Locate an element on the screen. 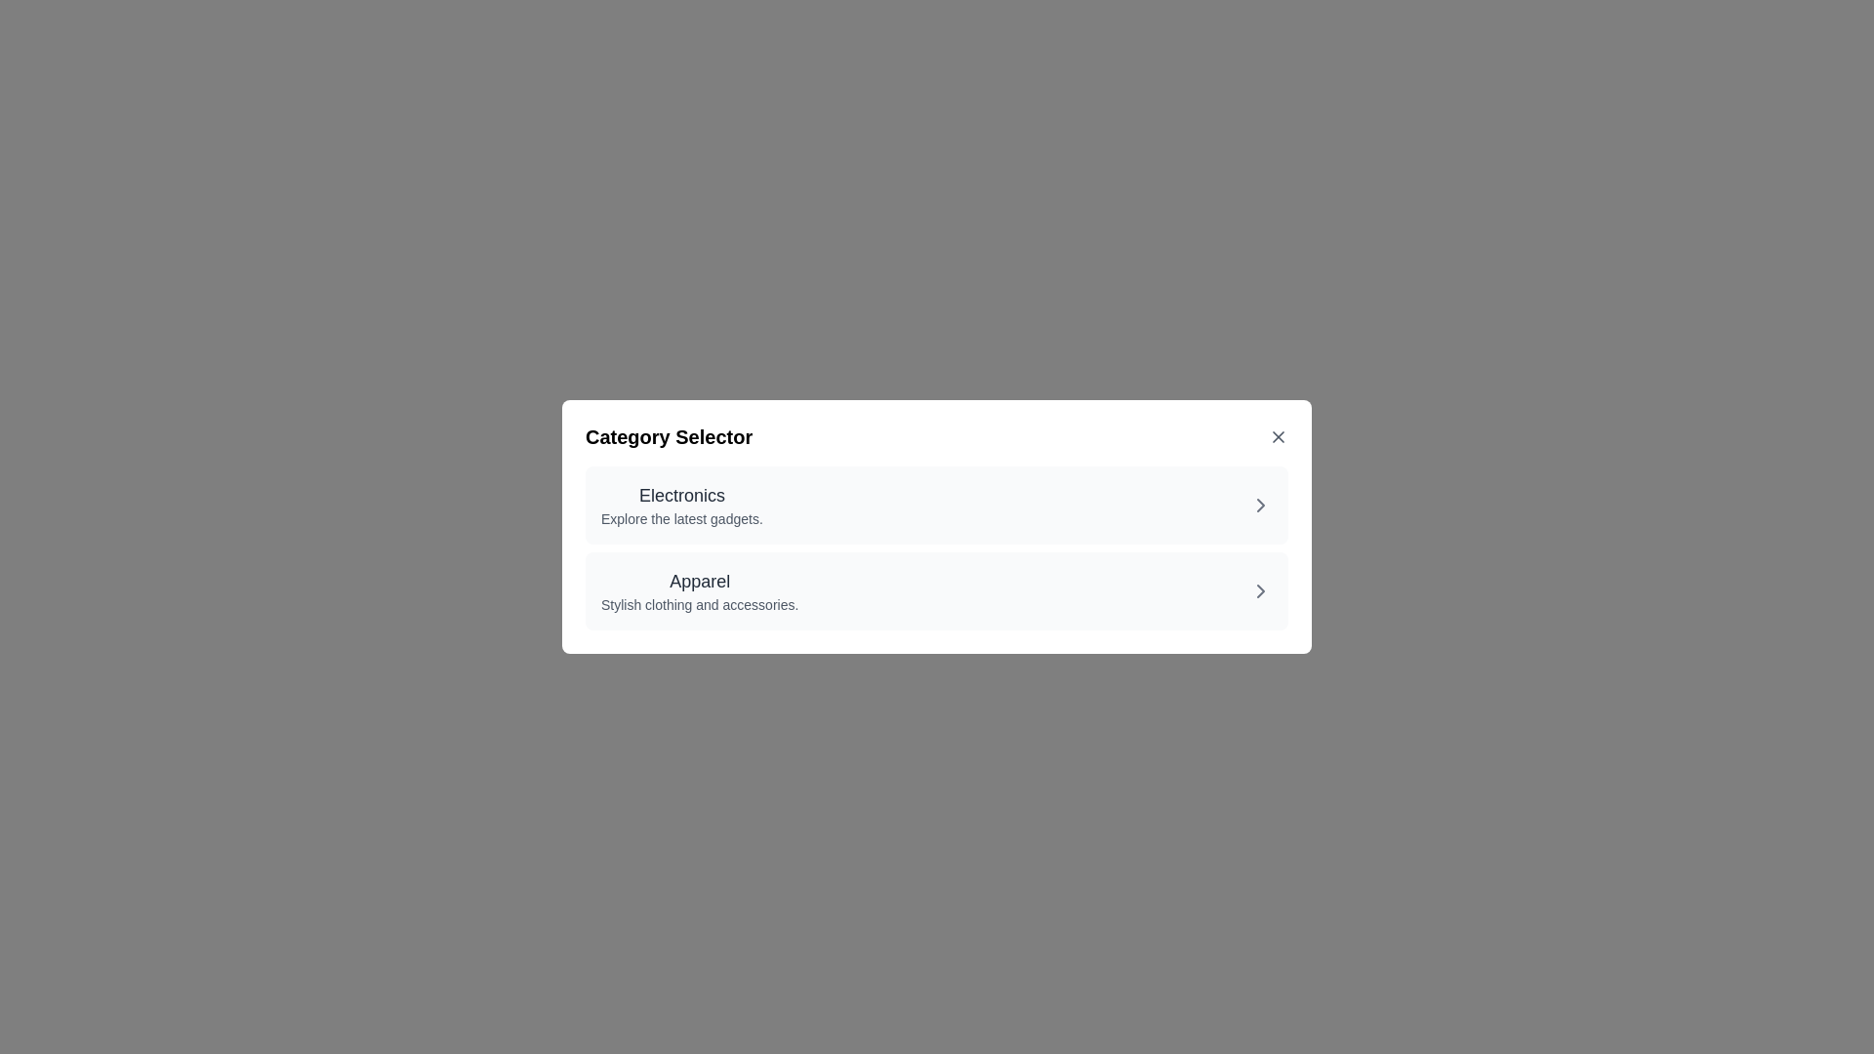 This screenshot has width=1874, height=1054. the 'Apparel' text block is located at coordinates (700, 589).